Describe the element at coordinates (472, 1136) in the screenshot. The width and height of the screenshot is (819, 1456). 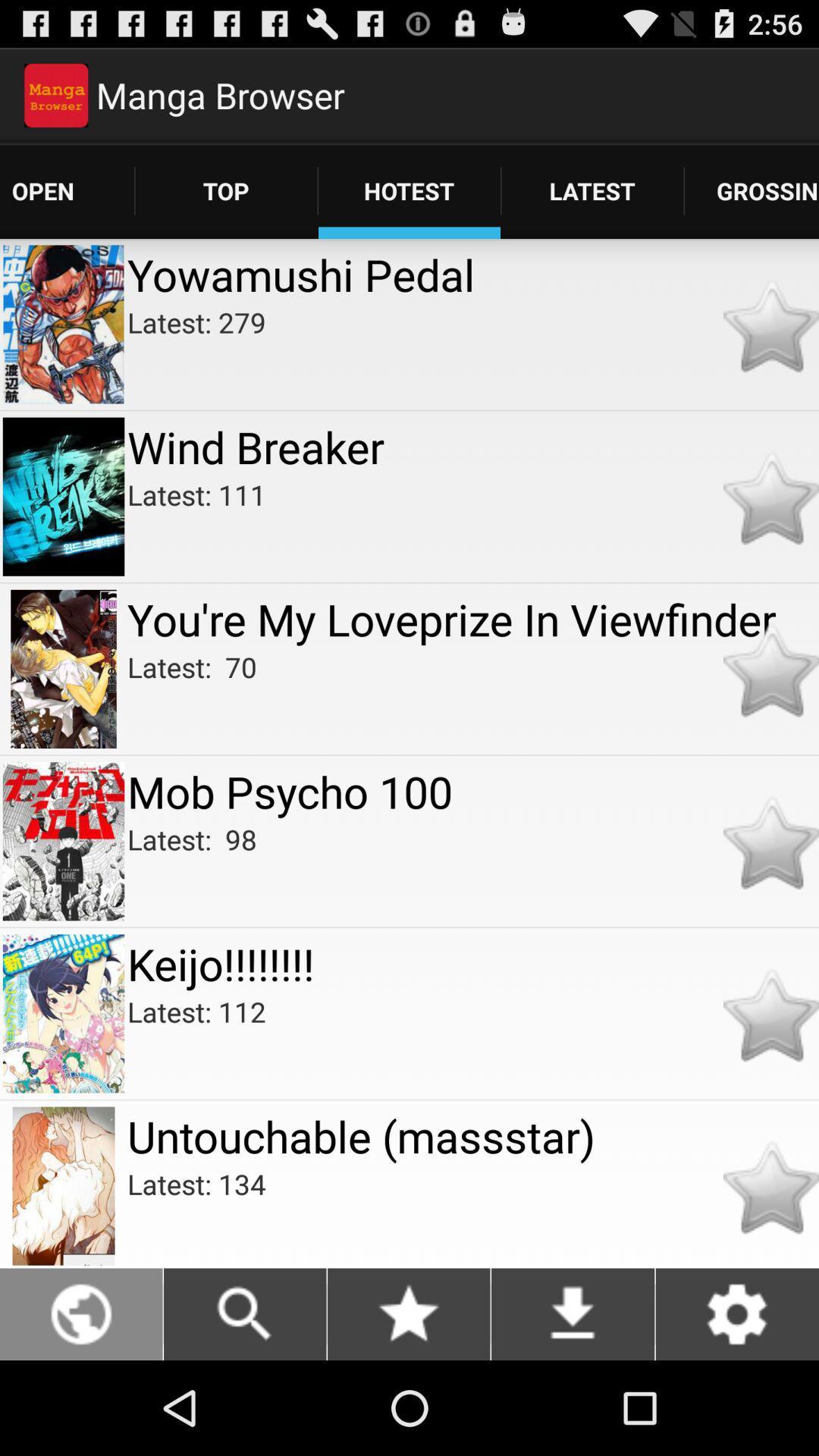
I see `the untouchable (massstar) item` at that location.